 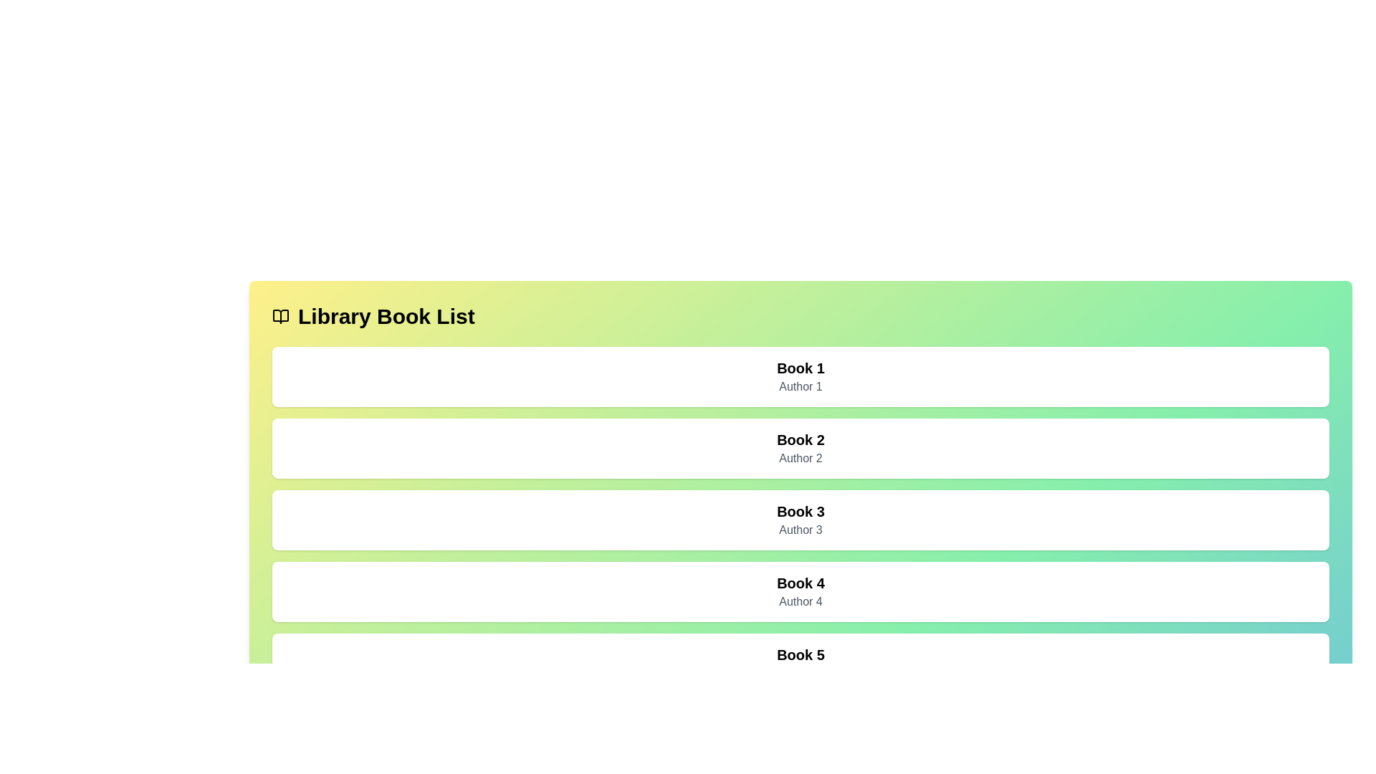 I want to click on the text label element displaying 'Author 1', which is positioned beneath the bold text 'Book 1' in a library book listing, so click(x=800, y=387).